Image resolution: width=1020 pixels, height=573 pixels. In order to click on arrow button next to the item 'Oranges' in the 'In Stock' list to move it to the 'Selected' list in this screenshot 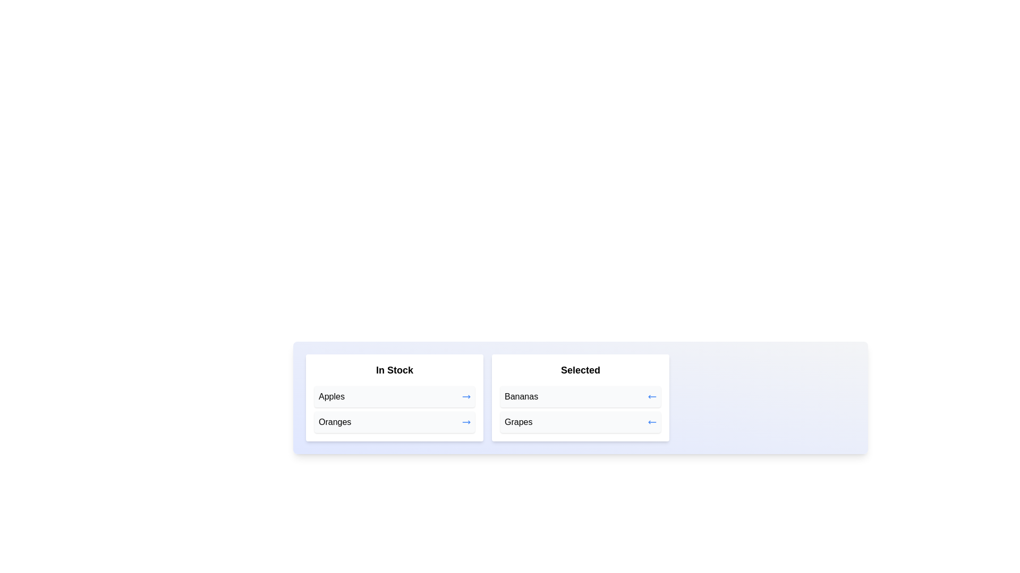, I will do `click(466, 421)`.